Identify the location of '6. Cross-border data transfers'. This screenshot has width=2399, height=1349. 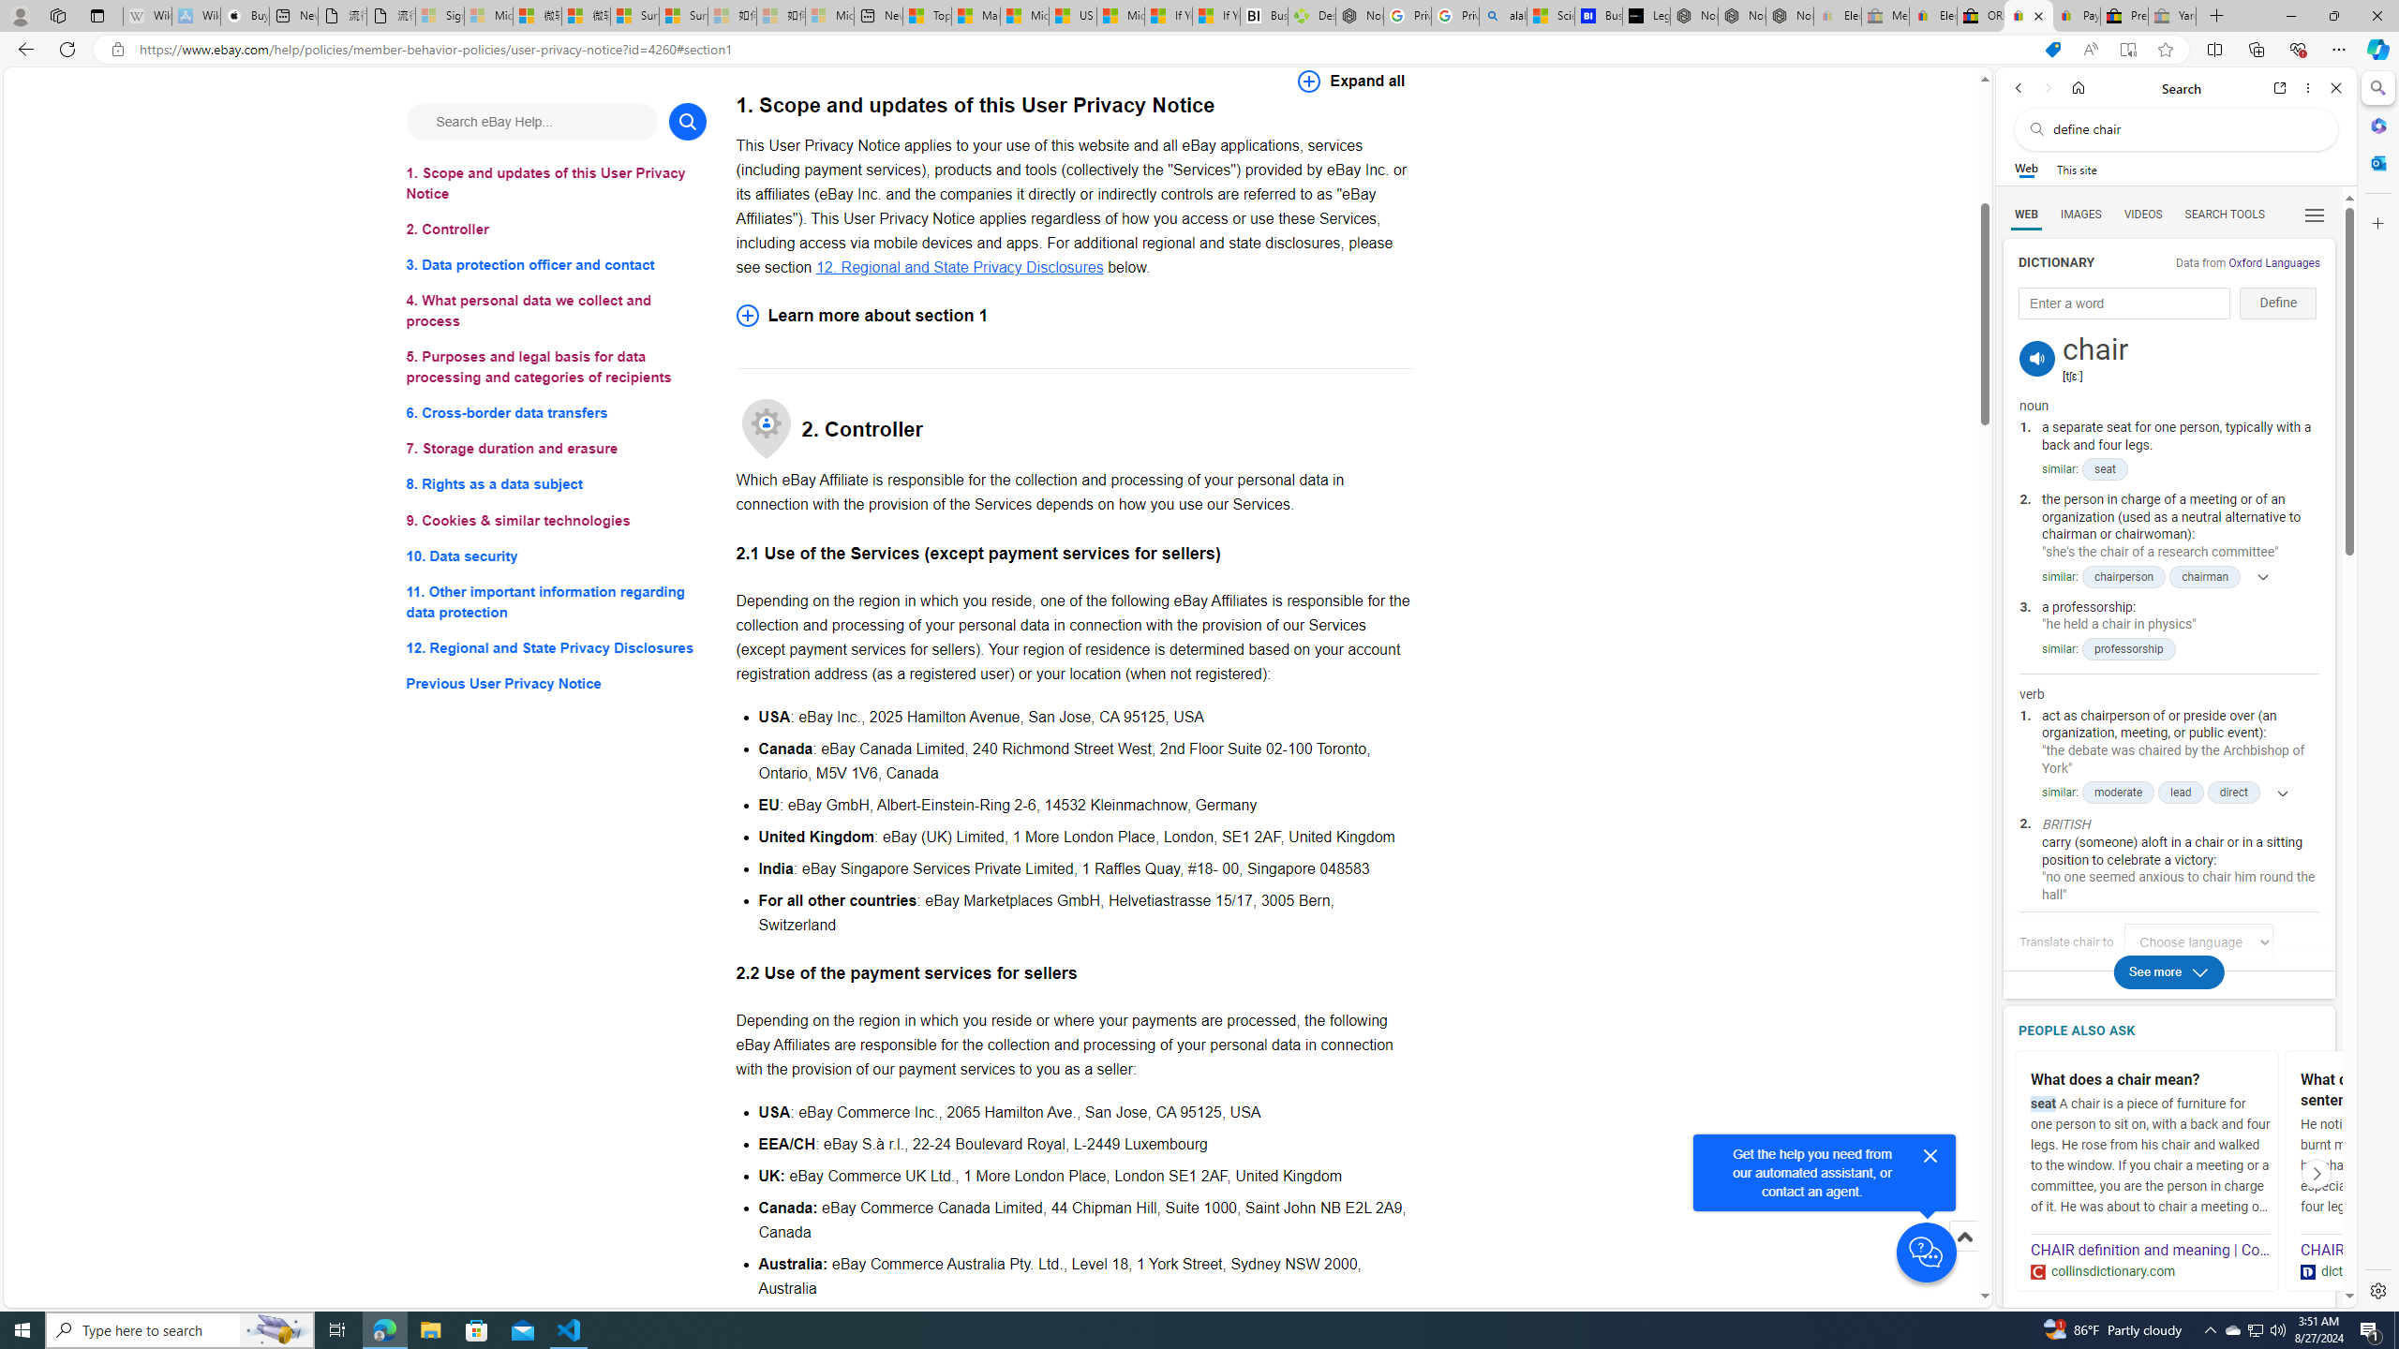
(555, 413).